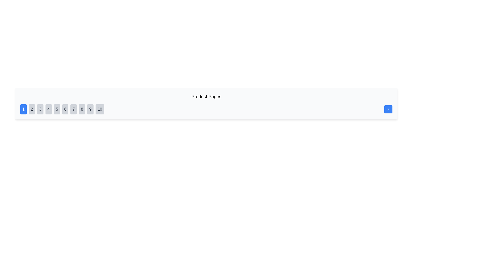 This screenshot has width=488, height=274. Describe the element at coordinates (40, 109) in the screenshot. I see `the third numbered pagination button` at that location.